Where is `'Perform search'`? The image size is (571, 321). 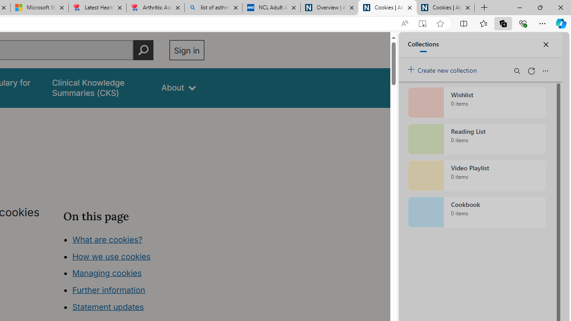
'Perform search' is located at coordinates (143, 50).